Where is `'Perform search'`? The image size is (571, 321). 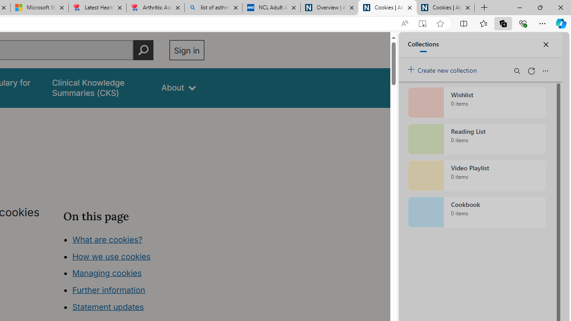
'Perform search' is located at coordinates (143, 50).